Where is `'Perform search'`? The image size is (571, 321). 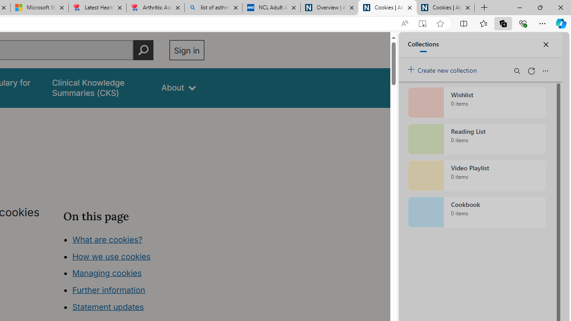
'Perform search' is located at coordinates (143, 50).